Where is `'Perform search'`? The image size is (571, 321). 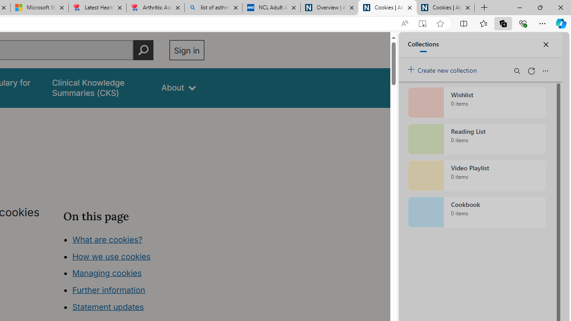
'Perform search' is located at coordinates (143, 50).